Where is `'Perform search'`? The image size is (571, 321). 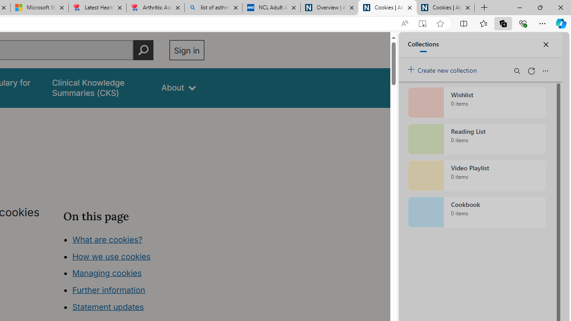
'Perform search' is located at coordinates (143, 50).